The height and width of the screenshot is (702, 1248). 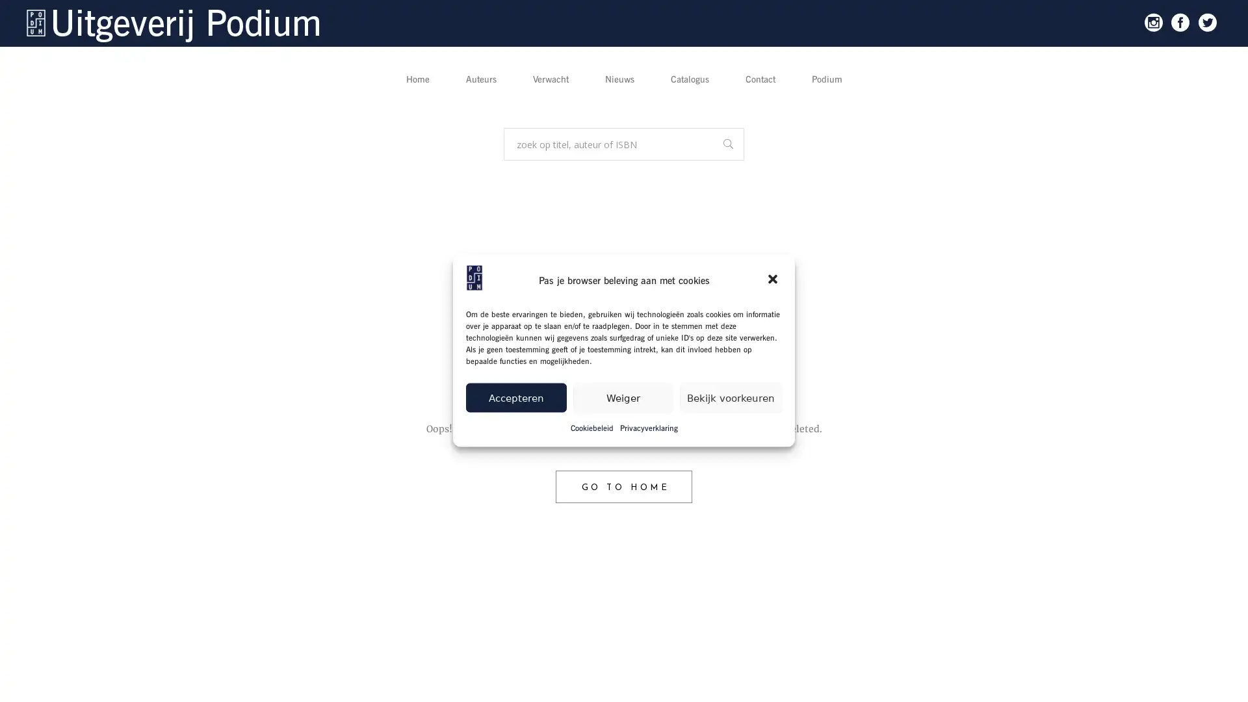 I want to click on close-dialog, so click(x=773, y=279).